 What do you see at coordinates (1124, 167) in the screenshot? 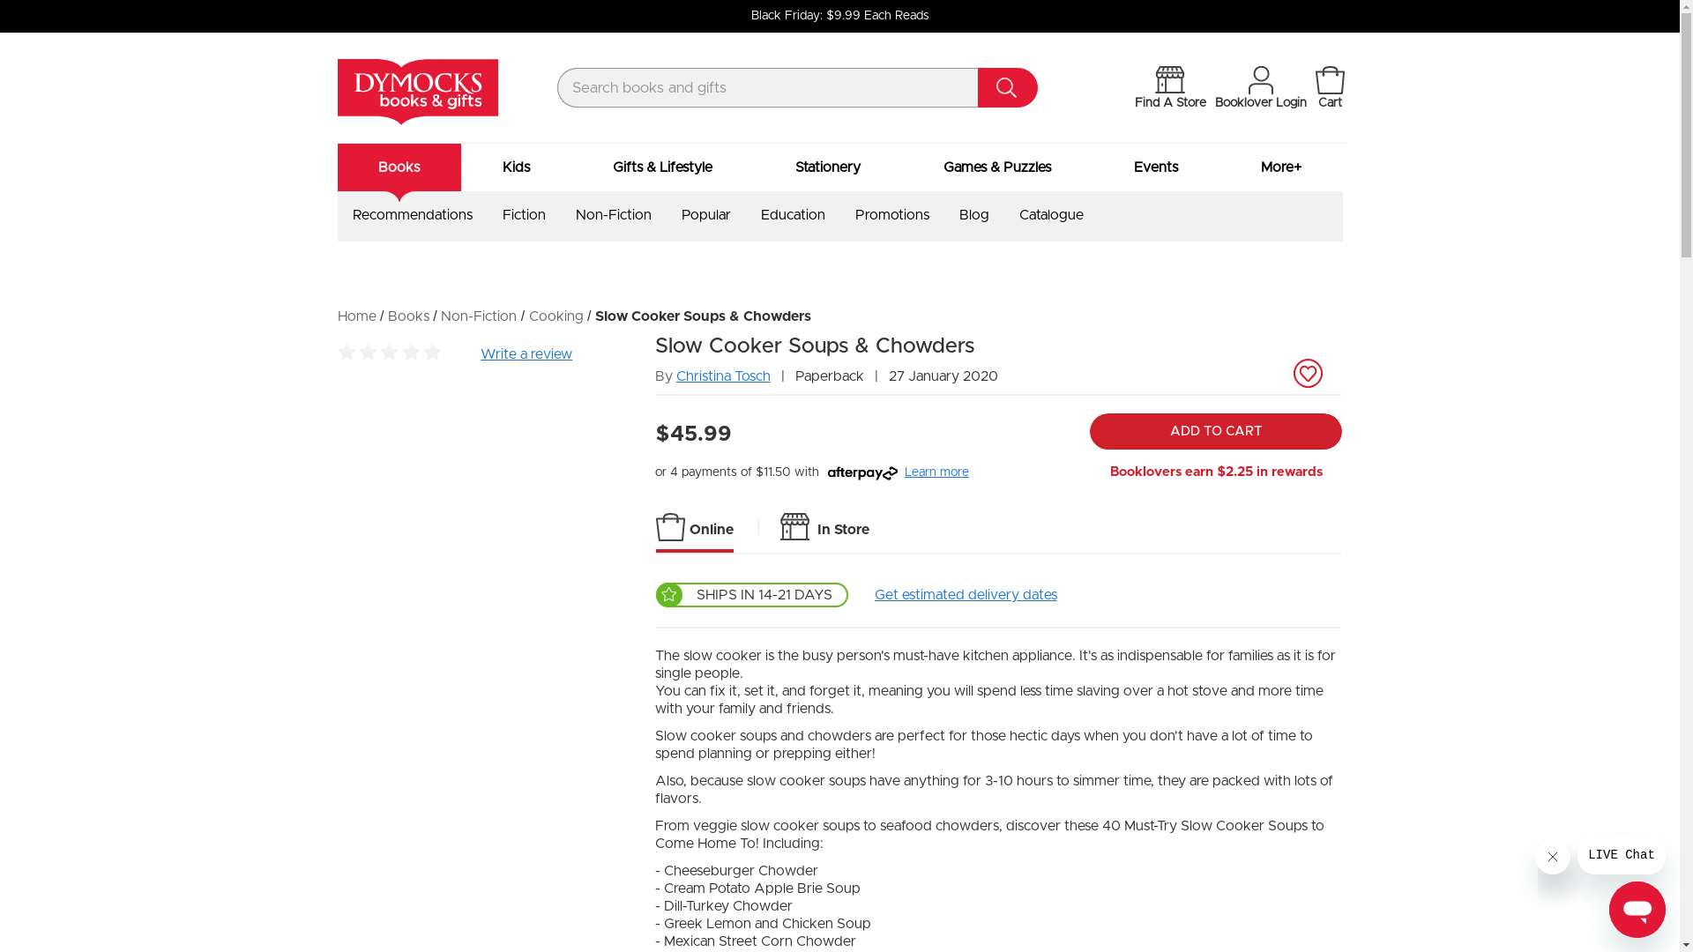
I see `'Events'` at bounding box center [1124, 167].